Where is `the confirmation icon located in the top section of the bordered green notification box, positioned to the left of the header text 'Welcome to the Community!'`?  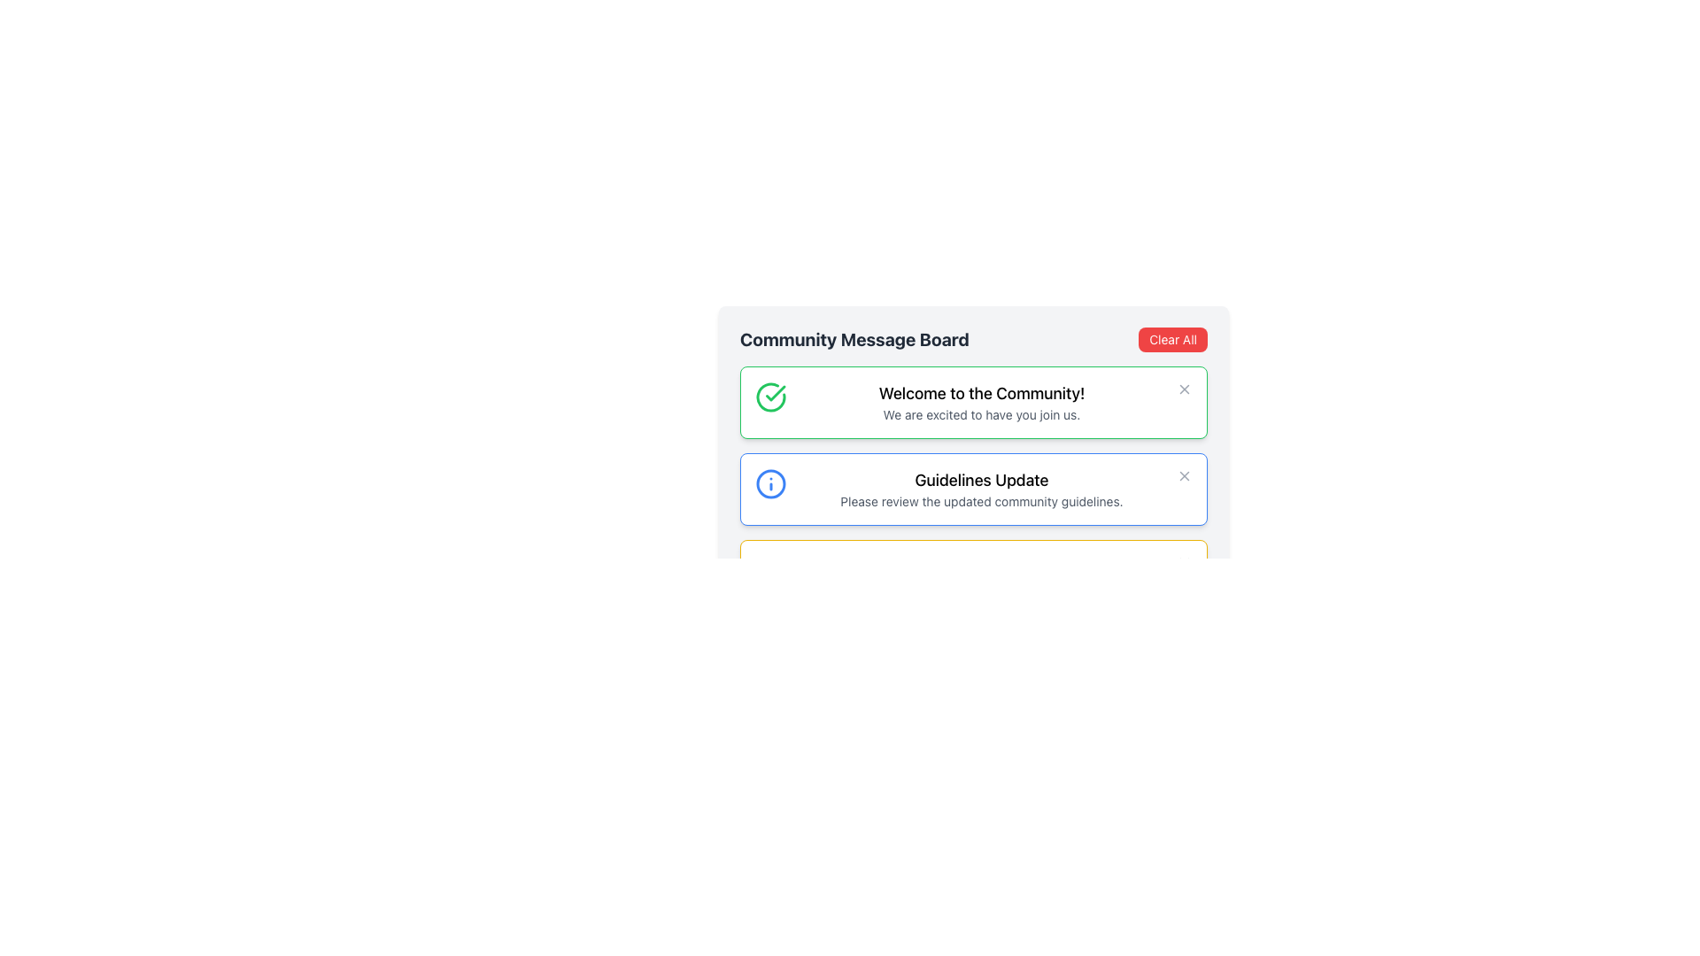
the confirmation icon located in the top section of the bordered green notification box, positioned to the left of the header text 'Welcome to the Community!' is located at coordinates (770, 396).